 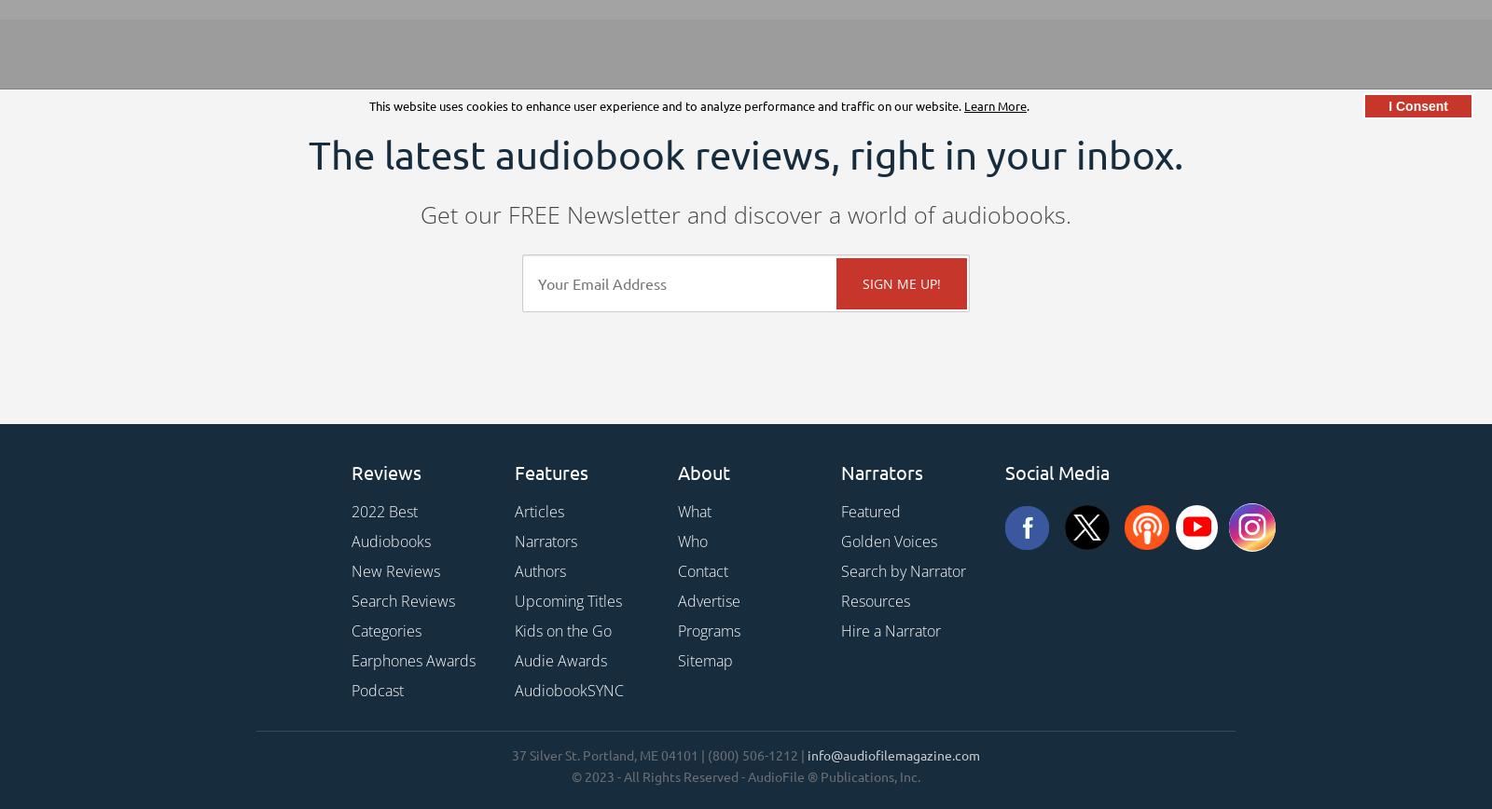 I want to click on 'Get our FREE Newsletter and discover a world of audiobooks.', so click(x=746, y=214).